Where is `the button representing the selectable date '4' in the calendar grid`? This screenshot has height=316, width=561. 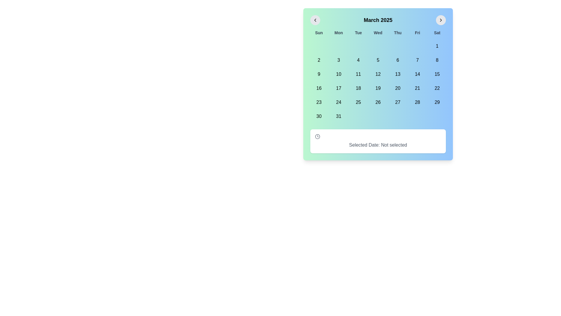 the button representing the selectable date '4' in the calendar grid is located at coordinates (358, 60).